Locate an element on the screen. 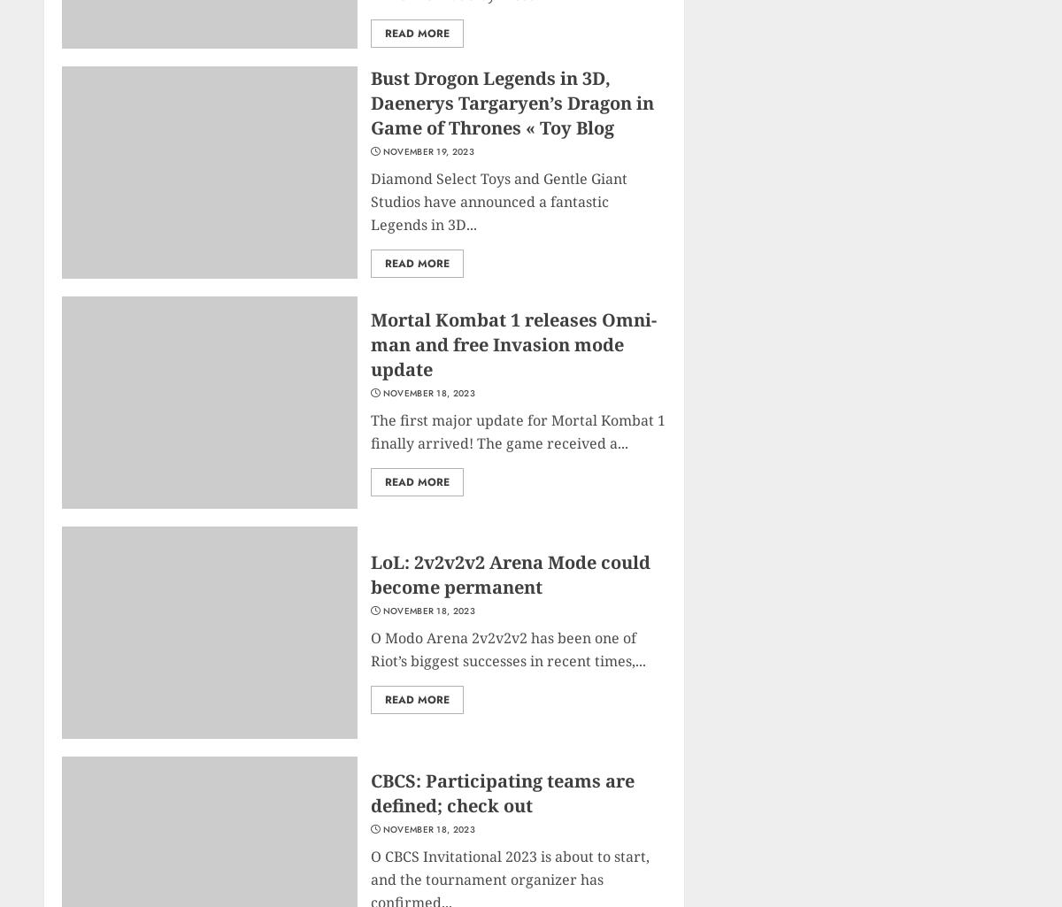  'CBCS: Participating teams are defined;  check out' is located at coordinates (501, 792).